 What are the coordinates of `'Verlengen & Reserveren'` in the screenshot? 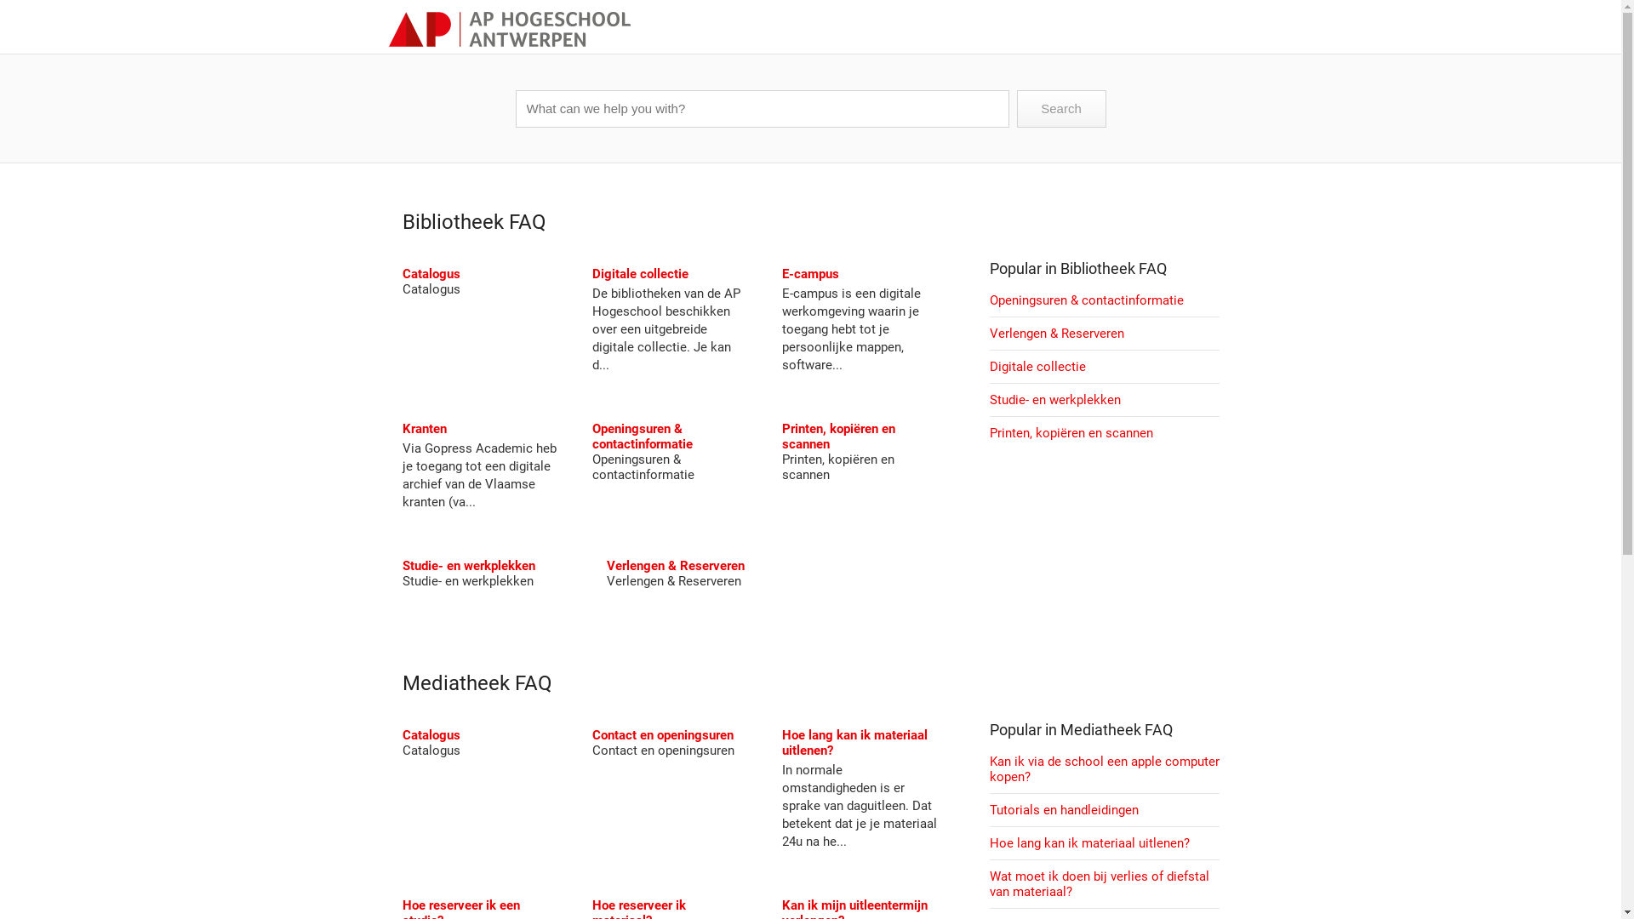 It's located at (605, 565).